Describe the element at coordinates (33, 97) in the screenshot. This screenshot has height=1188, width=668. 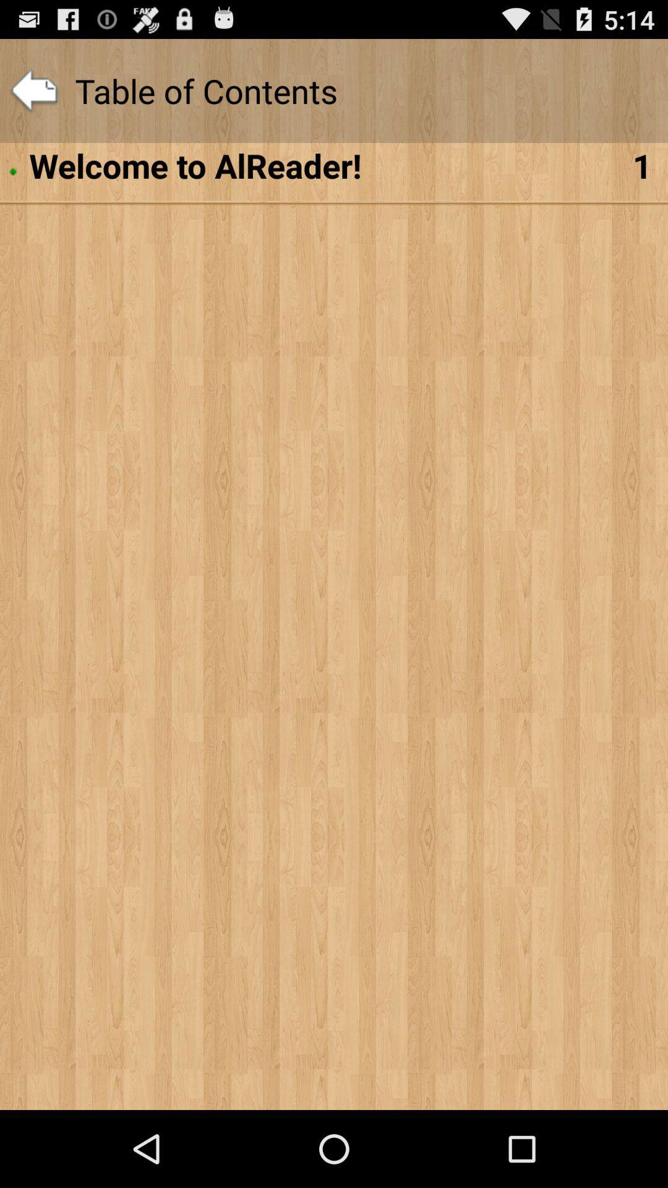
I see `the arrow_backward icon` at that location.